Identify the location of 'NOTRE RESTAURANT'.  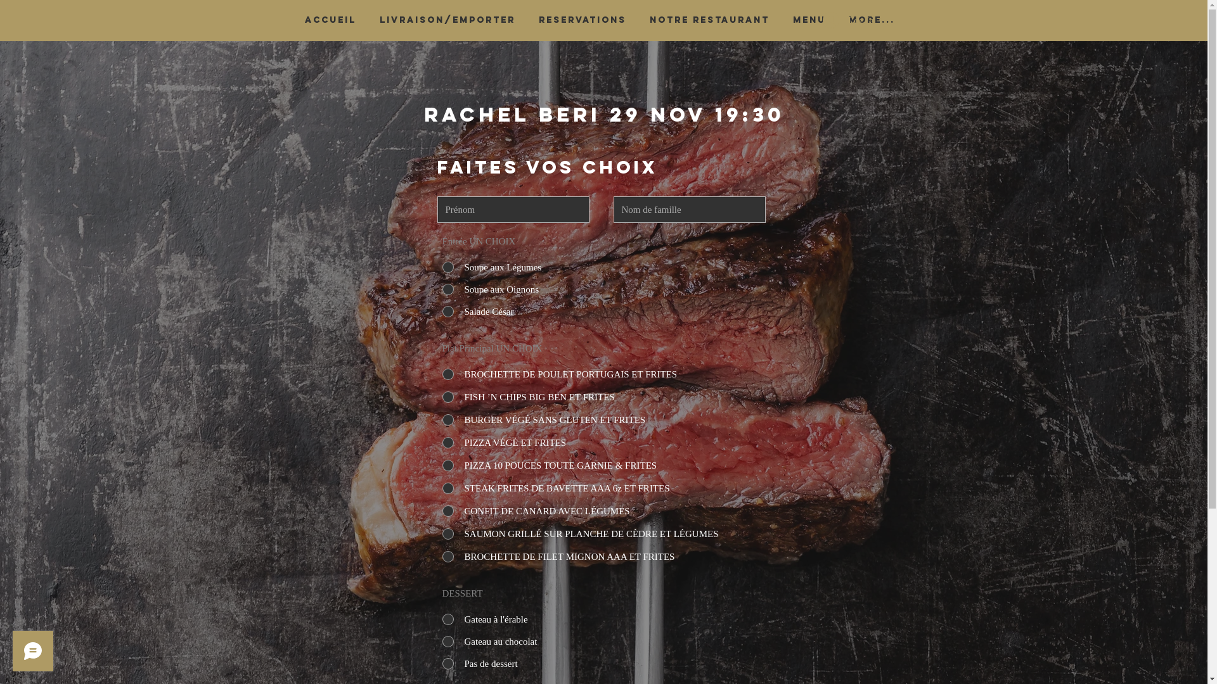
(638, 20).